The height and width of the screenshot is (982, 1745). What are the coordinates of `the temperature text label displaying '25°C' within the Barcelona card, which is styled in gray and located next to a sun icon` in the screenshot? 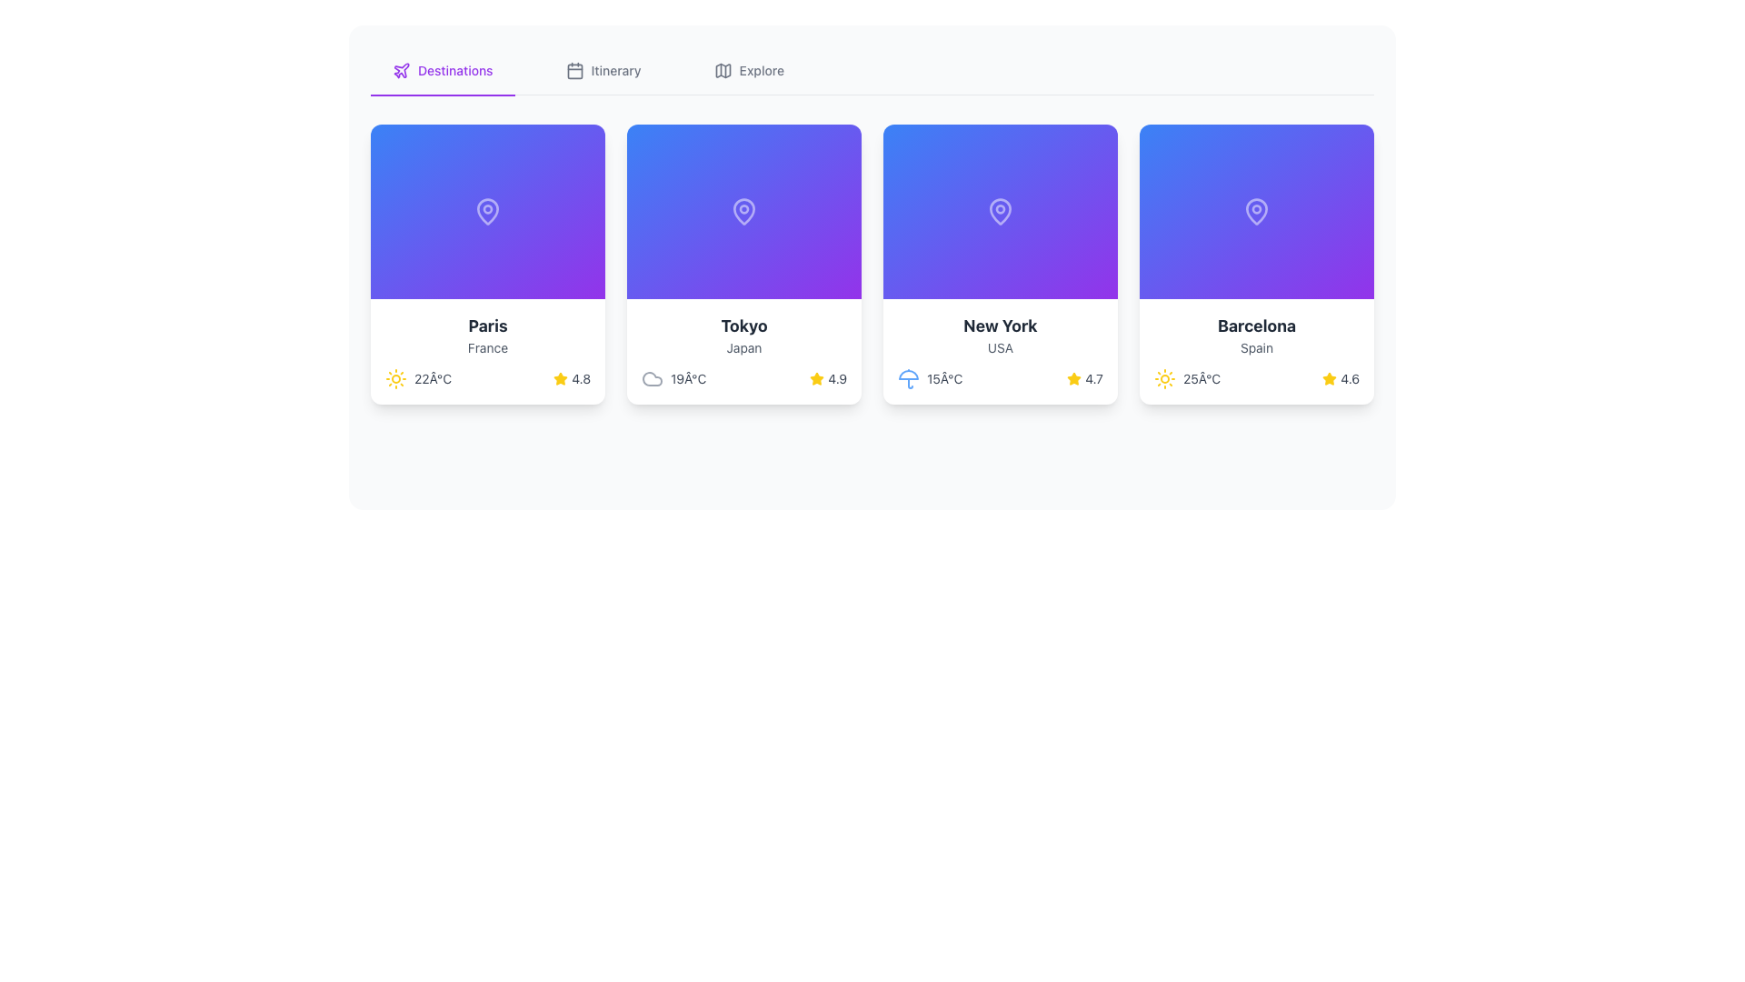 It's located at (1202, 377).